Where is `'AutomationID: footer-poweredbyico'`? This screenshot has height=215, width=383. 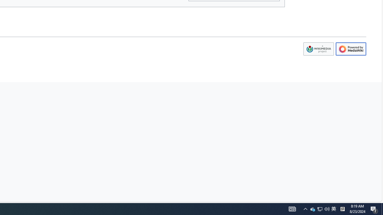
'AutomationID: footer-poweredbyico' is located at coordinates (351, 49).